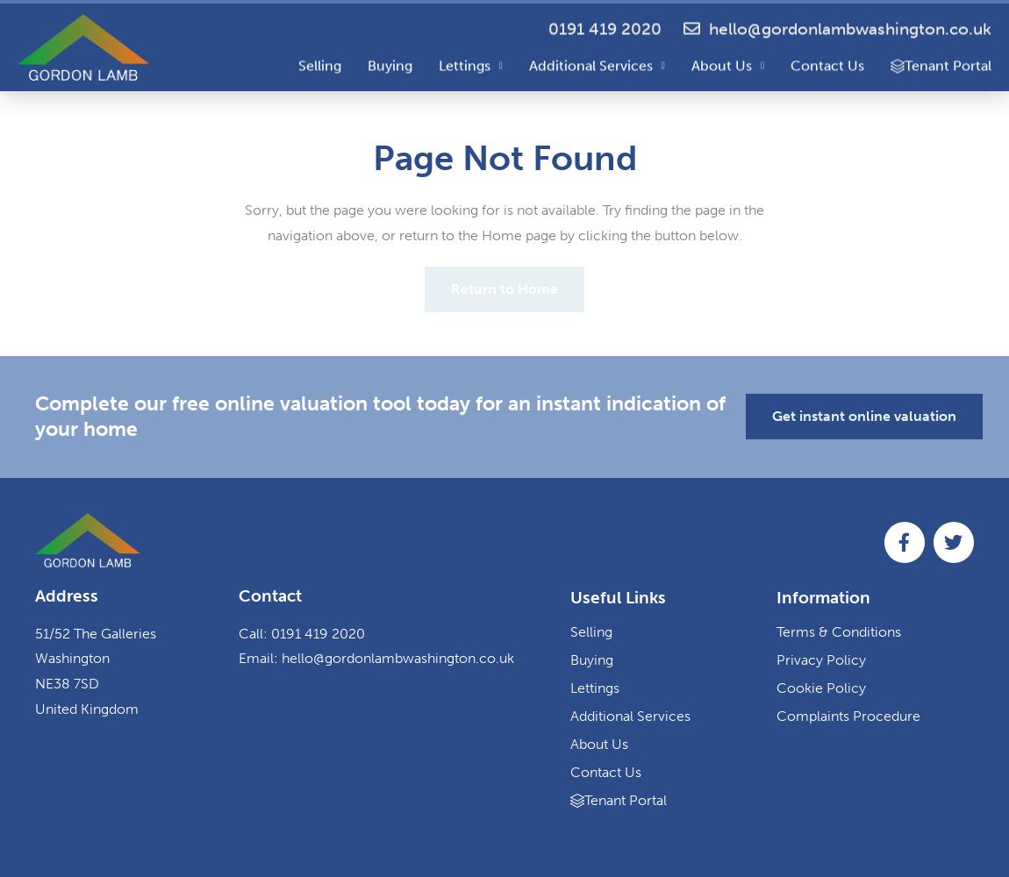  Describe the element at coordinates (776, 714) in the screenshot. I see `'Complaints Procedure'` at that location.